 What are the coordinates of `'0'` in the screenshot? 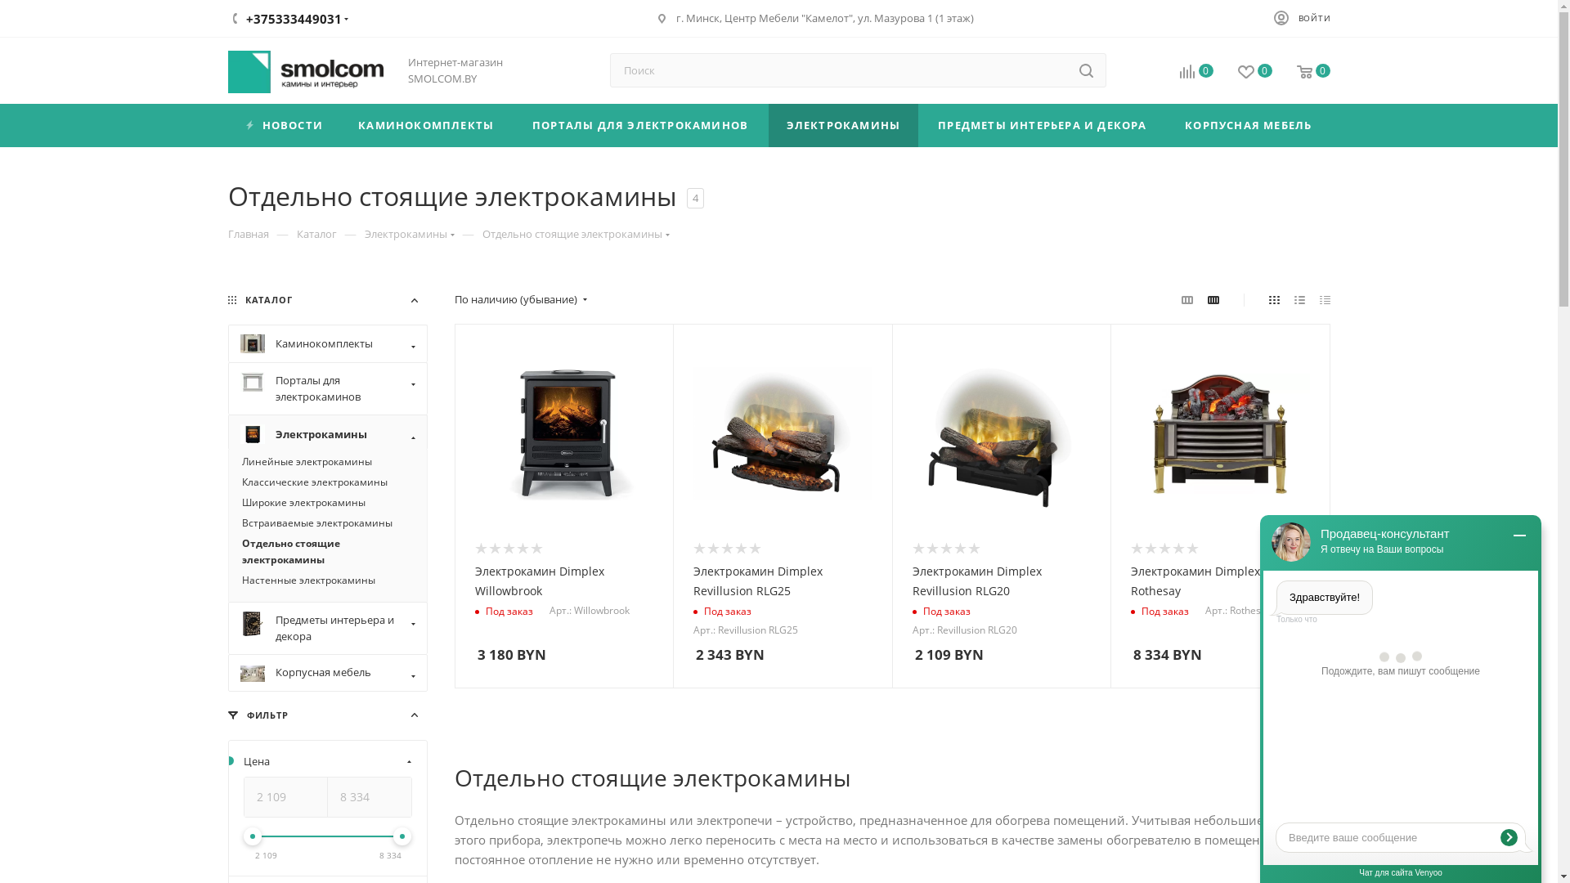 It's located at (1300, 71).